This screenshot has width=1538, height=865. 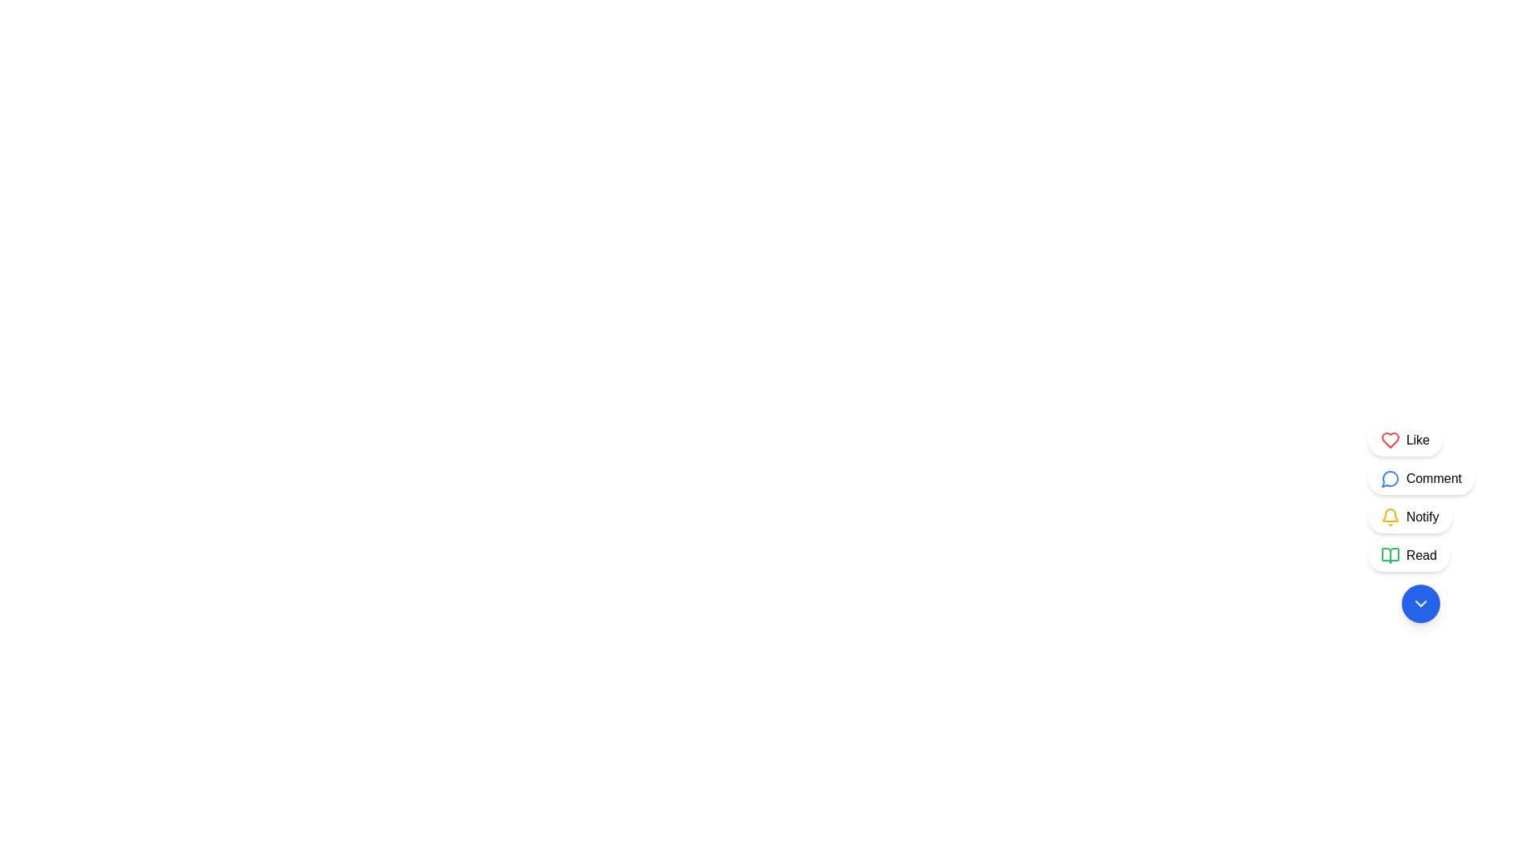 I want to click on the 'Comment' button, which is the second option from the top in the vertical list of interactive buttons on the right side, identified by the blue speech bubble icon, so click(x=1434, y=477).